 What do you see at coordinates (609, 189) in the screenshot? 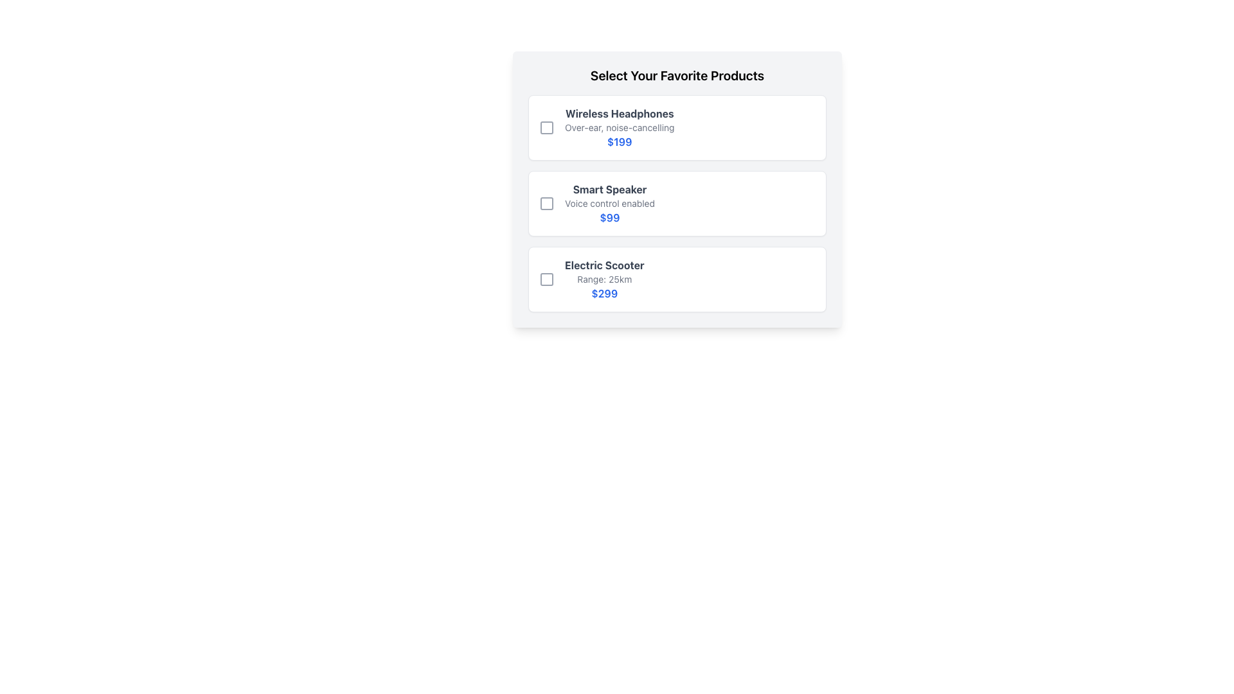
I see `the bold text 'Smart Speaker' displayed in dark gray color, located at the top of the second product card, above the description 'Voice control enabled' and the price '$99'` at bounding box center [609, 189].